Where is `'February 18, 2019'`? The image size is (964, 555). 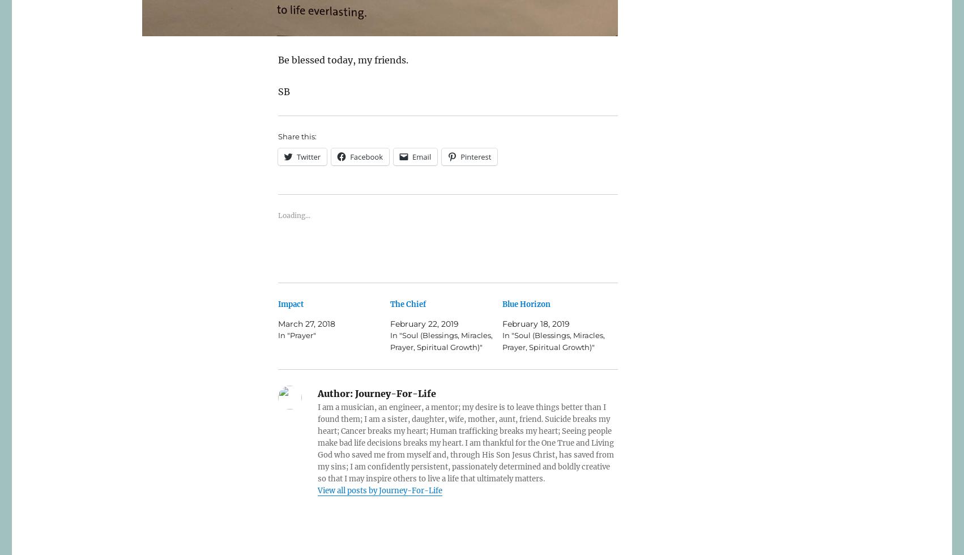
'February 18, 2019' is located at coordinates (536, 324).